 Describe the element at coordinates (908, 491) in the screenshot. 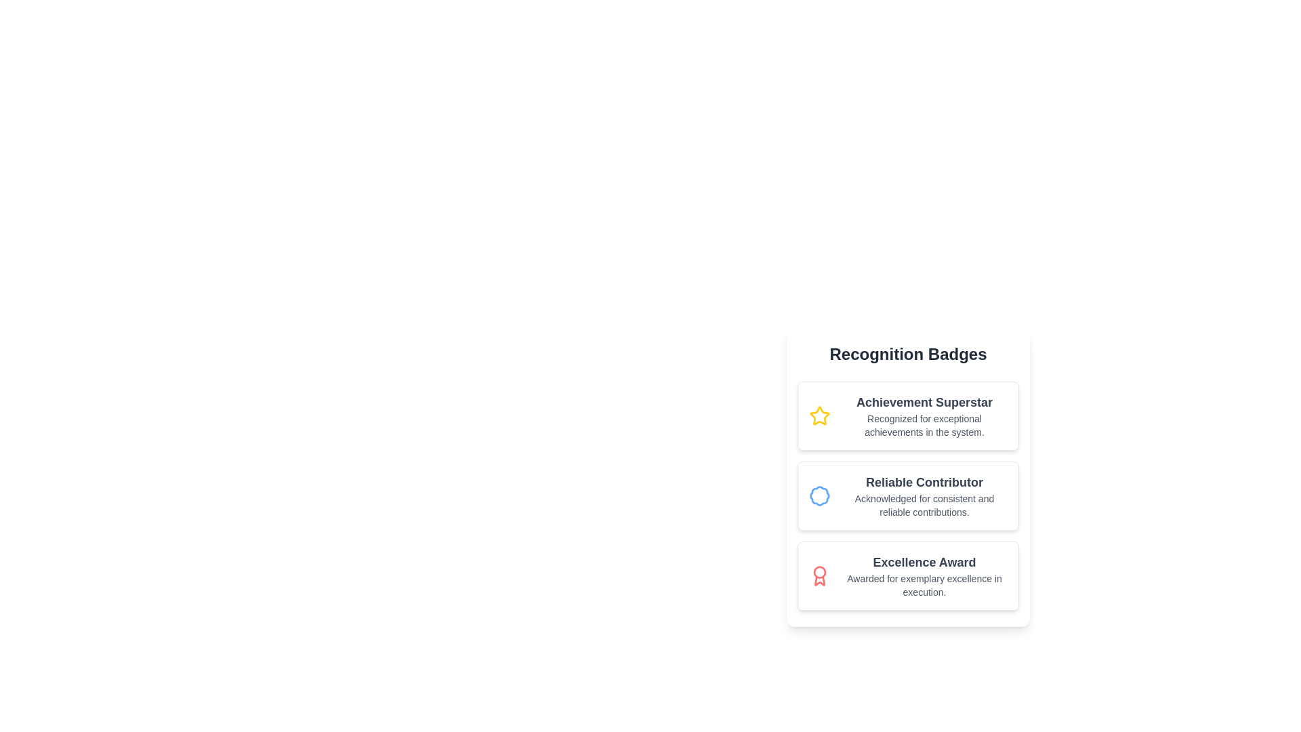

I see `text from the Informational card titled 'Reliable Contributor', which is the second card in the 'Recognition Badges' section` at that location.